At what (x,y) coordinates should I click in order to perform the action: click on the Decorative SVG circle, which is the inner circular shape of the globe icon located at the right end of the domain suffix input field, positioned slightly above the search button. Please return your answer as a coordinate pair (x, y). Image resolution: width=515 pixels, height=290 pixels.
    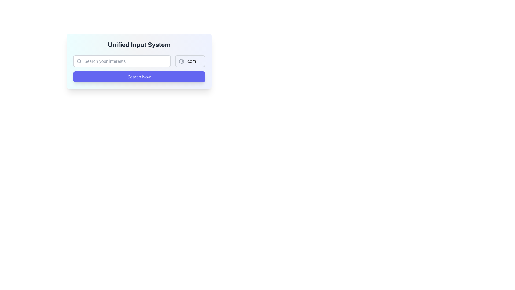
    Looking at the image, I should click on (181, 61).